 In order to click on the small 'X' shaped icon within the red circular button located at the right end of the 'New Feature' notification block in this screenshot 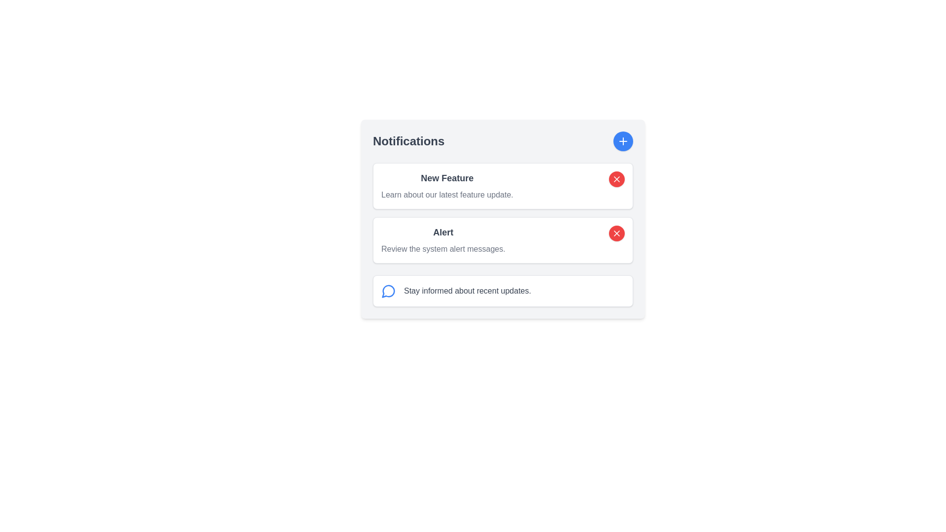, I will do `click(616, 179)`.